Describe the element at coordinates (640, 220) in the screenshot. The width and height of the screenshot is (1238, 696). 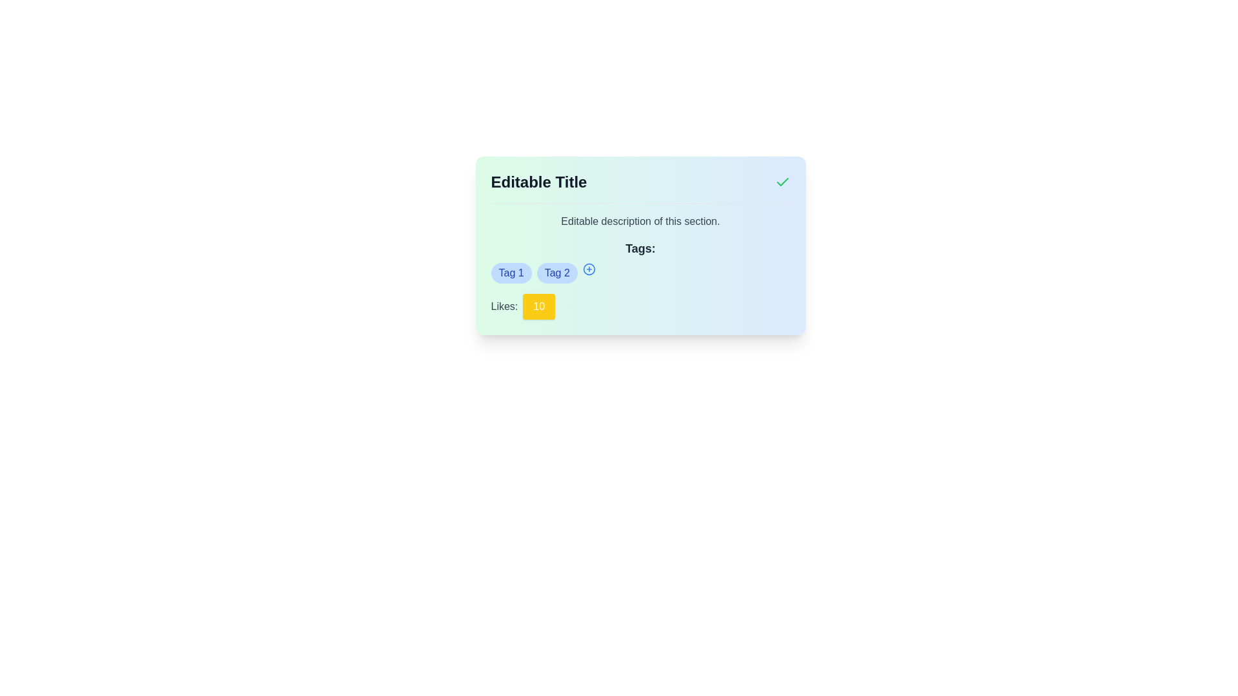
I see `the text line displaying 'Editable description of this section.' which is styled with gray color and changes to a darker gray on hover, located centrally within the card below 'Editable Title' and above the 'Tags:' section` at that location.